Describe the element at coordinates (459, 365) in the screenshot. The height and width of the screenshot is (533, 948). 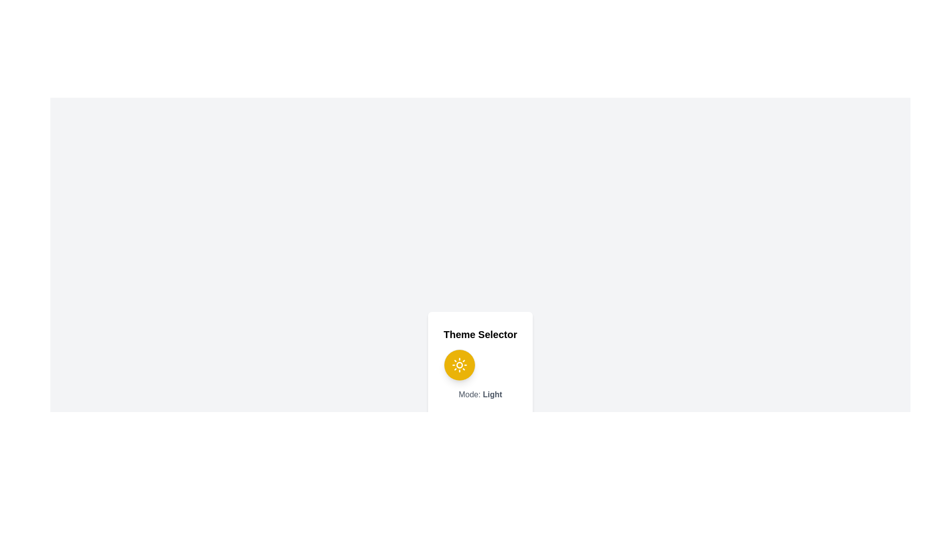
I see `the icon representing the current mode to inspect its visual representation` at that location.